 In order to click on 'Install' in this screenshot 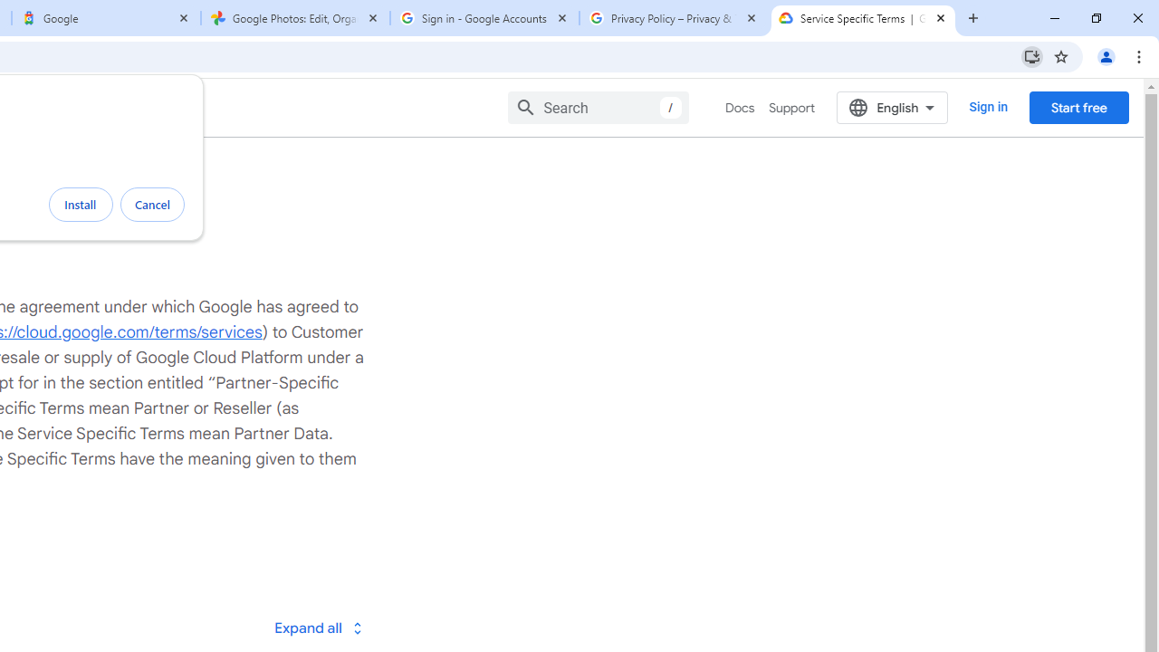, I will do `click(80, 204)`.